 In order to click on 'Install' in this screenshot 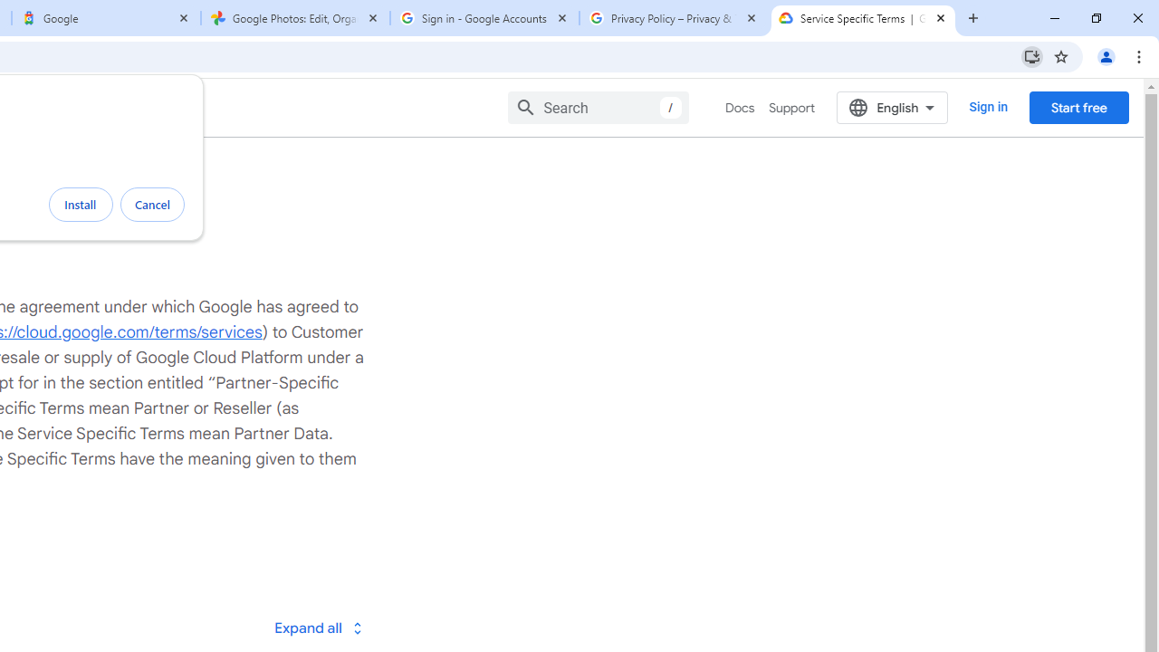, I will do `click(80, 204)`.